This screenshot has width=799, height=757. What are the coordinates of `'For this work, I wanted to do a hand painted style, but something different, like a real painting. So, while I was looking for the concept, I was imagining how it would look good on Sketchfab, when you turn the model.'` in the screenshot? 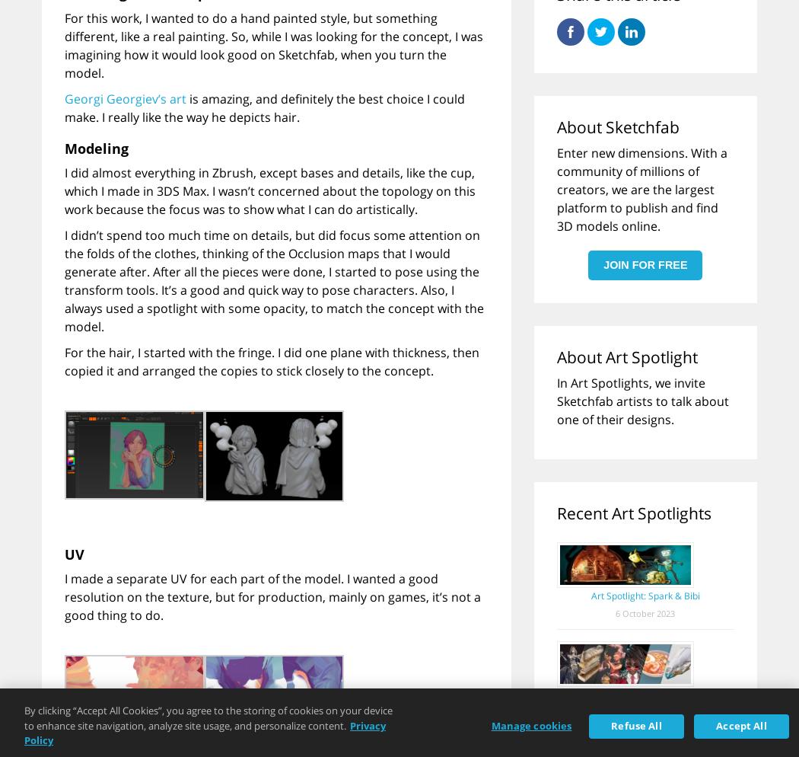 It's located at (273, 44).